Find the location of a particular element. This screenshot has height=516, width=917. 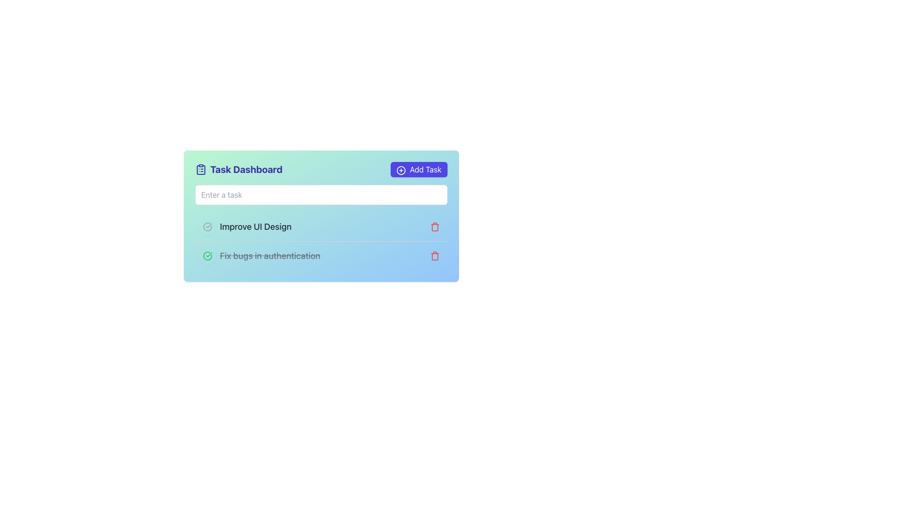

text displayed in the Text Label that says 'Task Dashboard', which is bold and indigo-colored, located at the top part of the interface next to a clipboard icon is located at coordinates (246, 169).